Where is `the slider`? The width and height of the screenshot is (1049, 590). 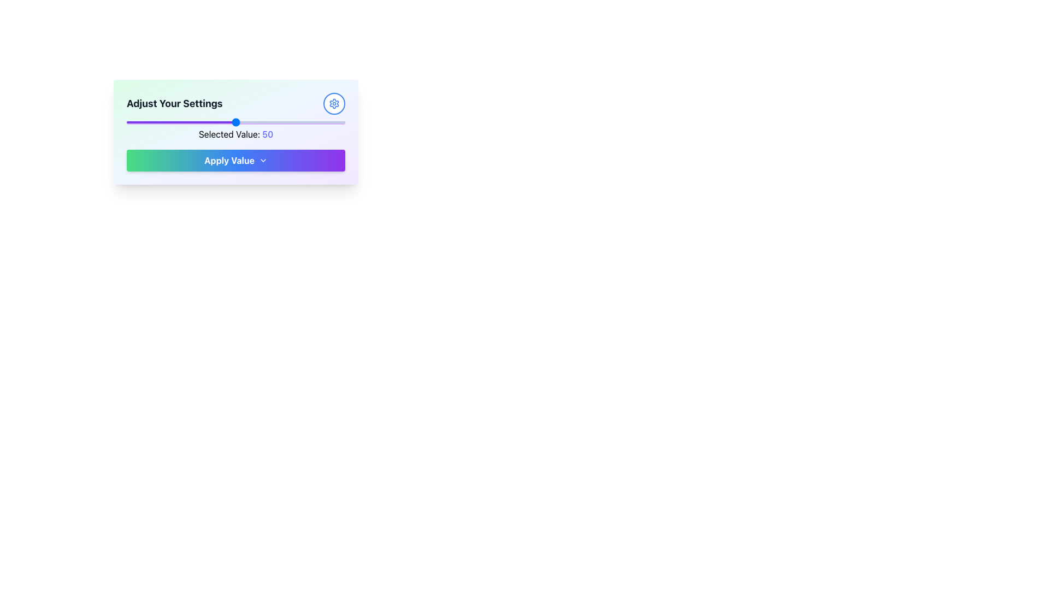 the slider is located at coordinates (229, 122).